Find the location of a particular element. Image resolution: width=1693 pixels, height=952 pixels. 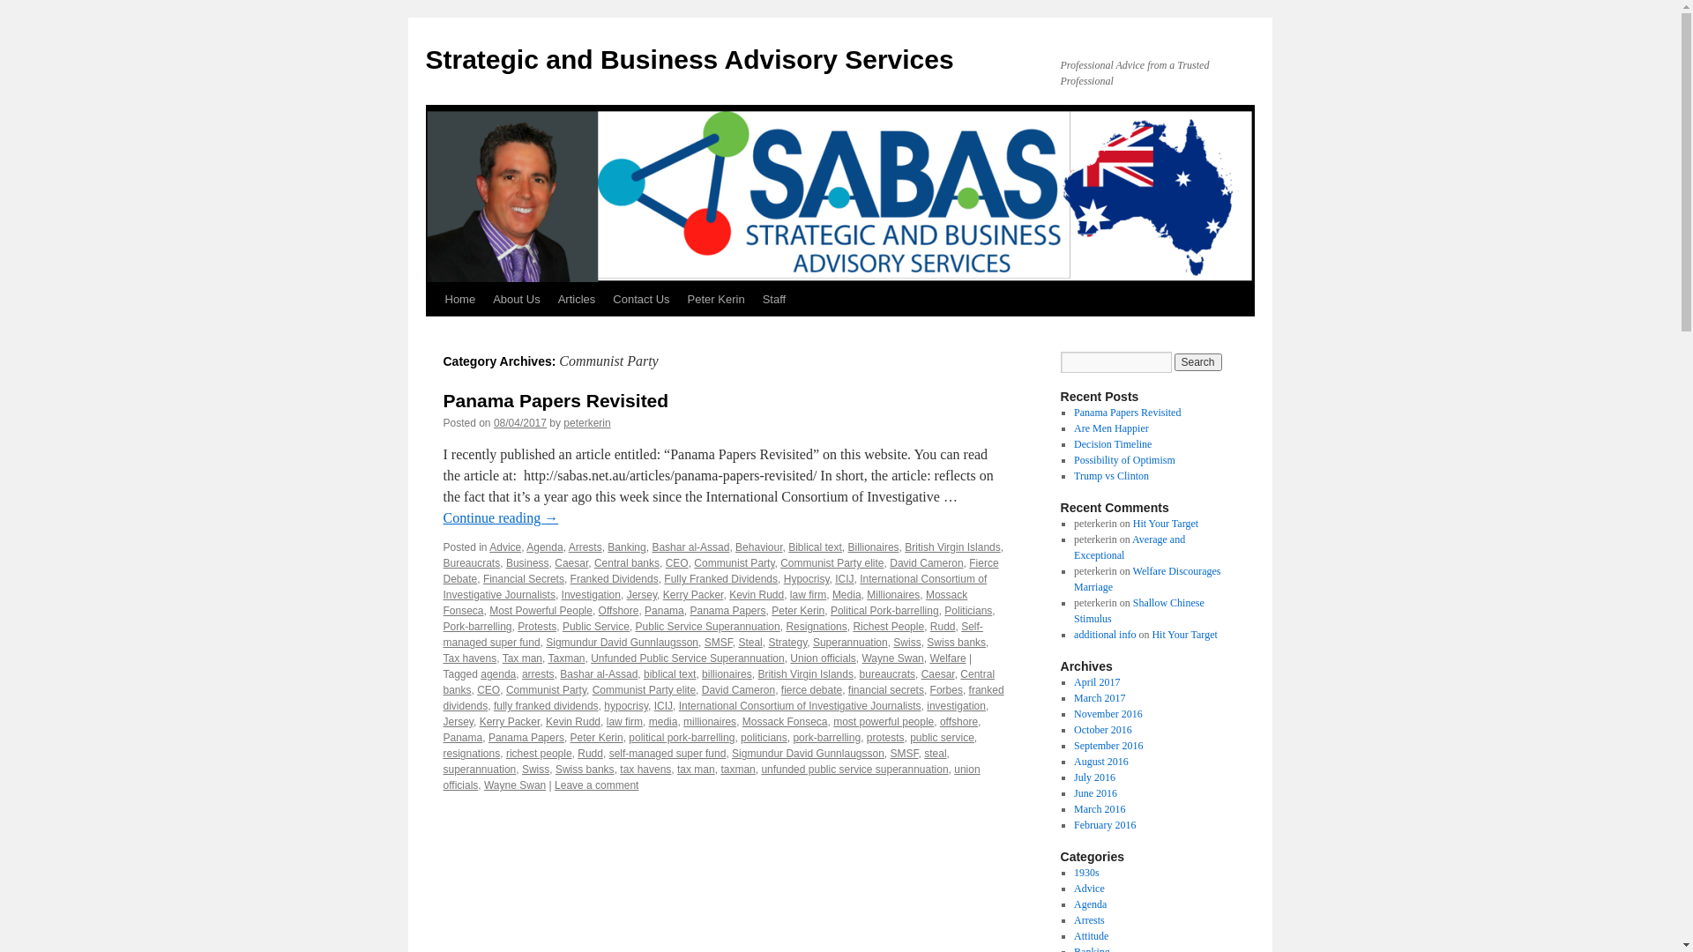

'March 2016' is located at coordinates (1099, 809).